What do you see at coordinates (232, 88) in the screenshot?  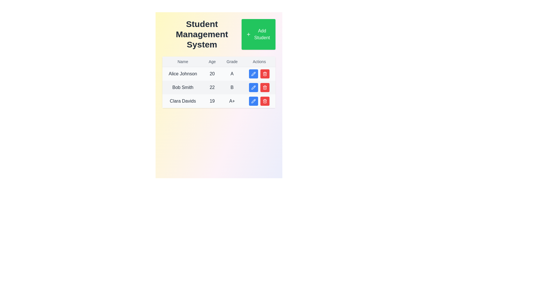 I see `the Text label displaying the grade of the student 'Bob Smith' in the table, located in the third column of his row` at bounding box center [232, 88].